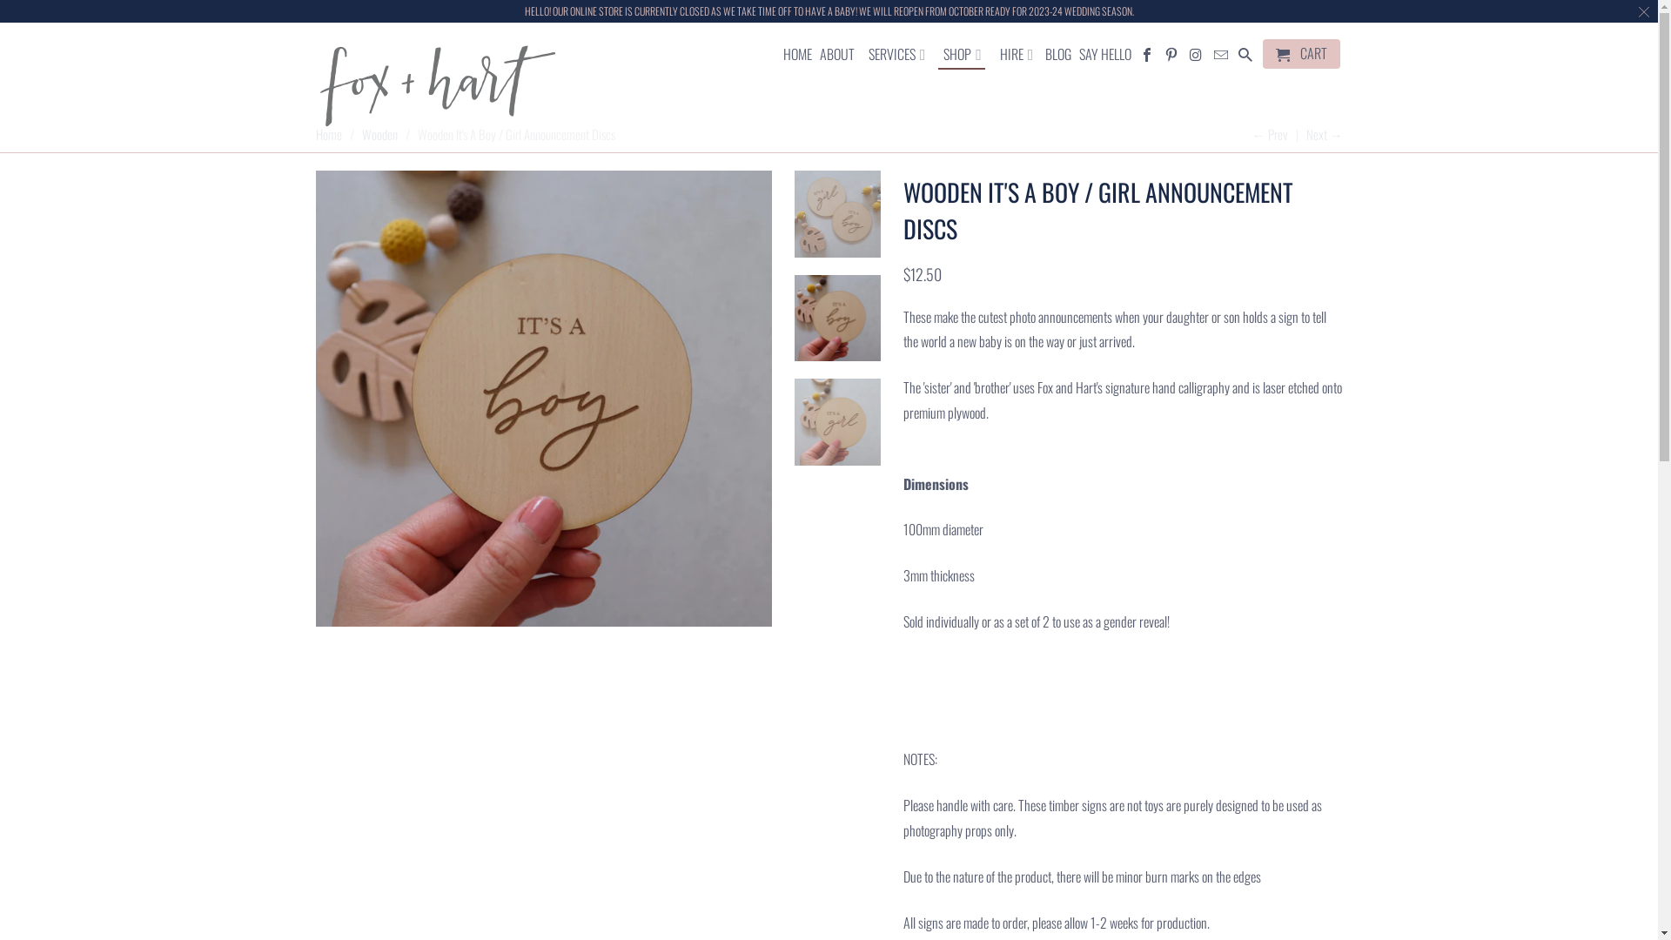 The height and width of the screenshot is (940, 1671). Describe the element at coordinates (379, 133) in the screenshot. I see `'Wooden'` at that location.